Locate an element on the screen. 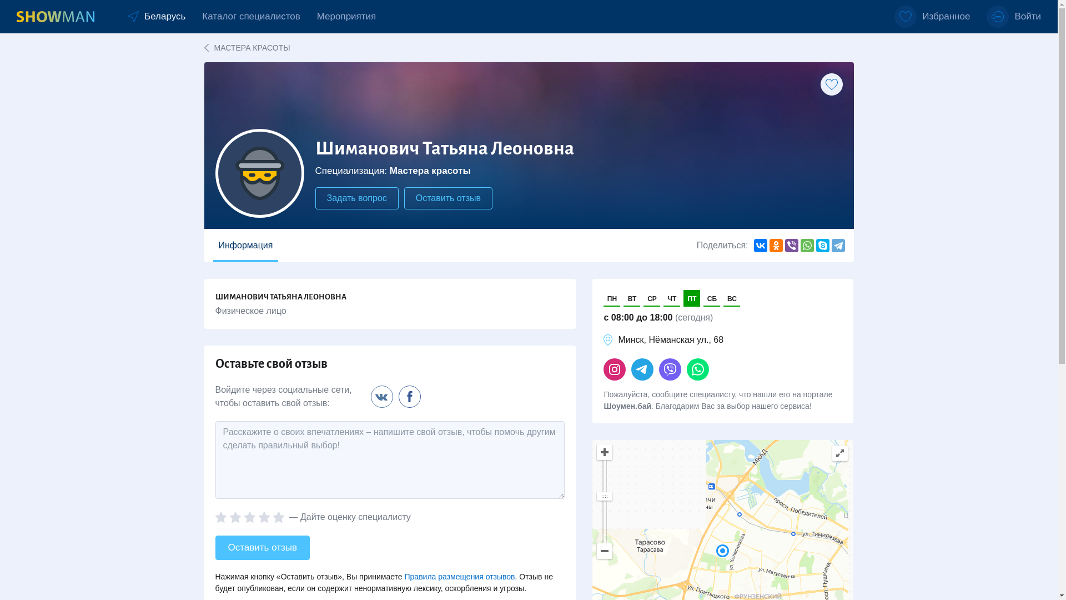 This screenshot has width=1066, height=600. 'Skype' is located at coordinates (823, 245).